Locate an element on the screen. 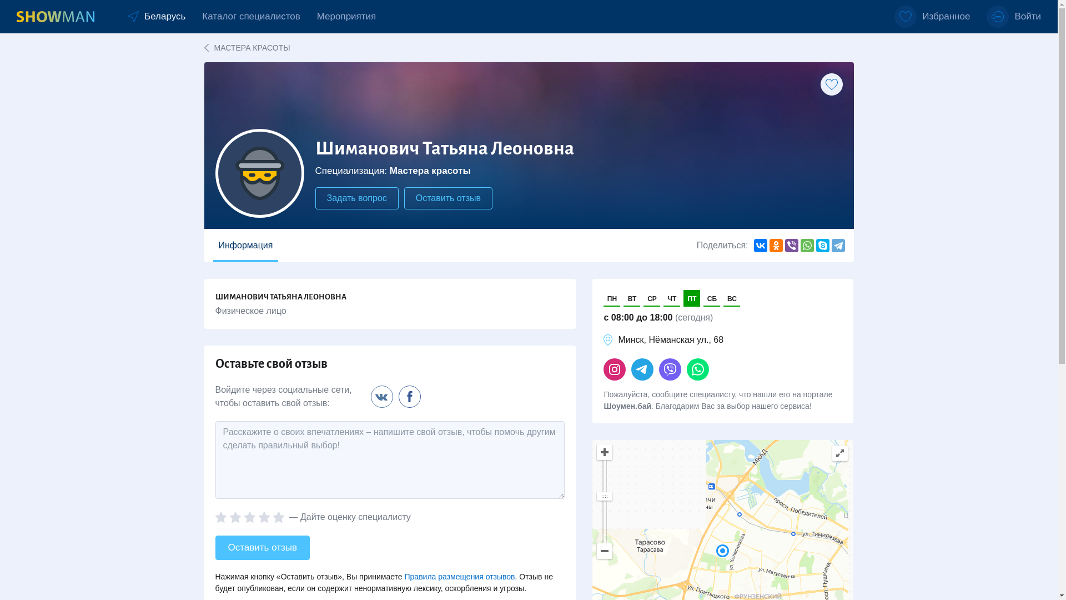 This screenshot has width=1066, height=600. 'Skype' is located at coordinates (823, 245).